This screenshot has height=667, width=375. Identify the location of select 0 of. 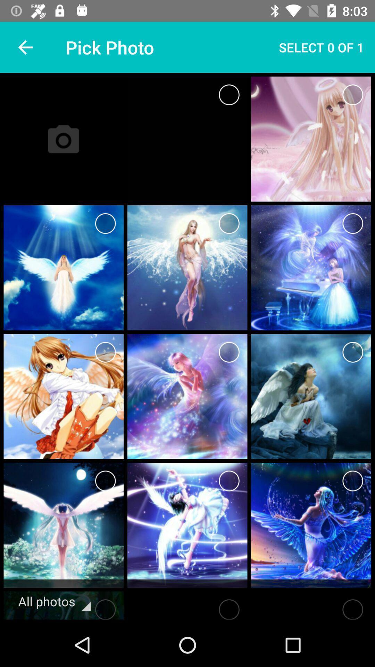
(321, 47).